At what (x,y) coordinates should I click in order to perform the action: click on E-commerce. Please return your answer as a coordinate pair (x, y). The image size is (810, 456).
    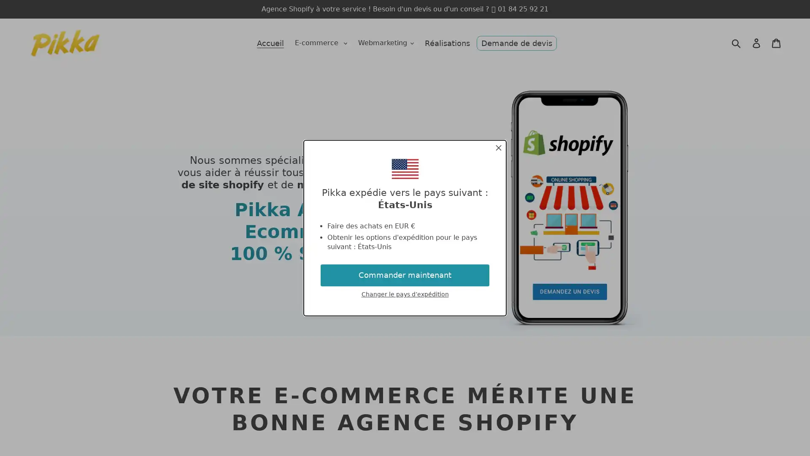
    Looking at the image, I should click on (321, 43).